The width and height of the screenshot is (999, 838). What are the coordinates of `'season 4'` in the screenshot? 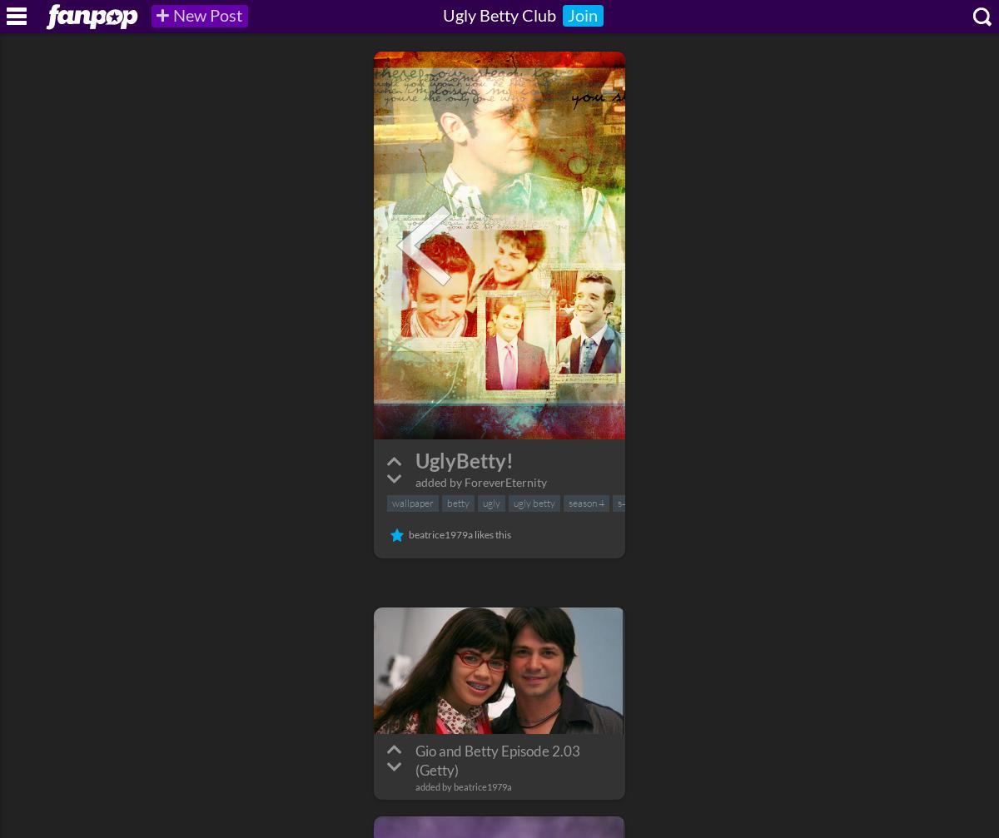 It's located at (569, 502).